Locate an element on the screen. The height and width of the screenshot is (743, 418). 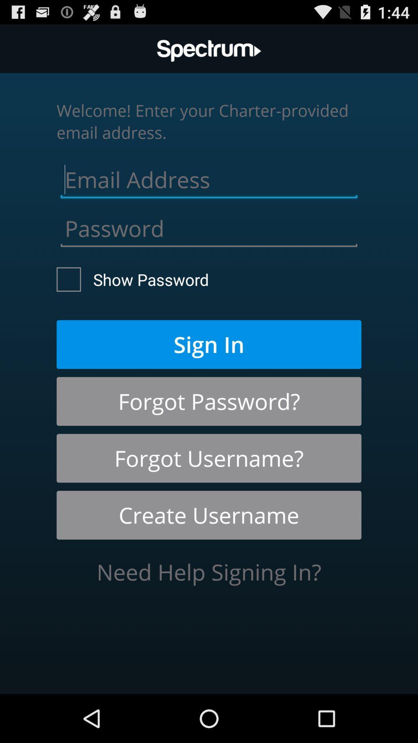
icon above the sign in icon is located at coordinates (132, 279).